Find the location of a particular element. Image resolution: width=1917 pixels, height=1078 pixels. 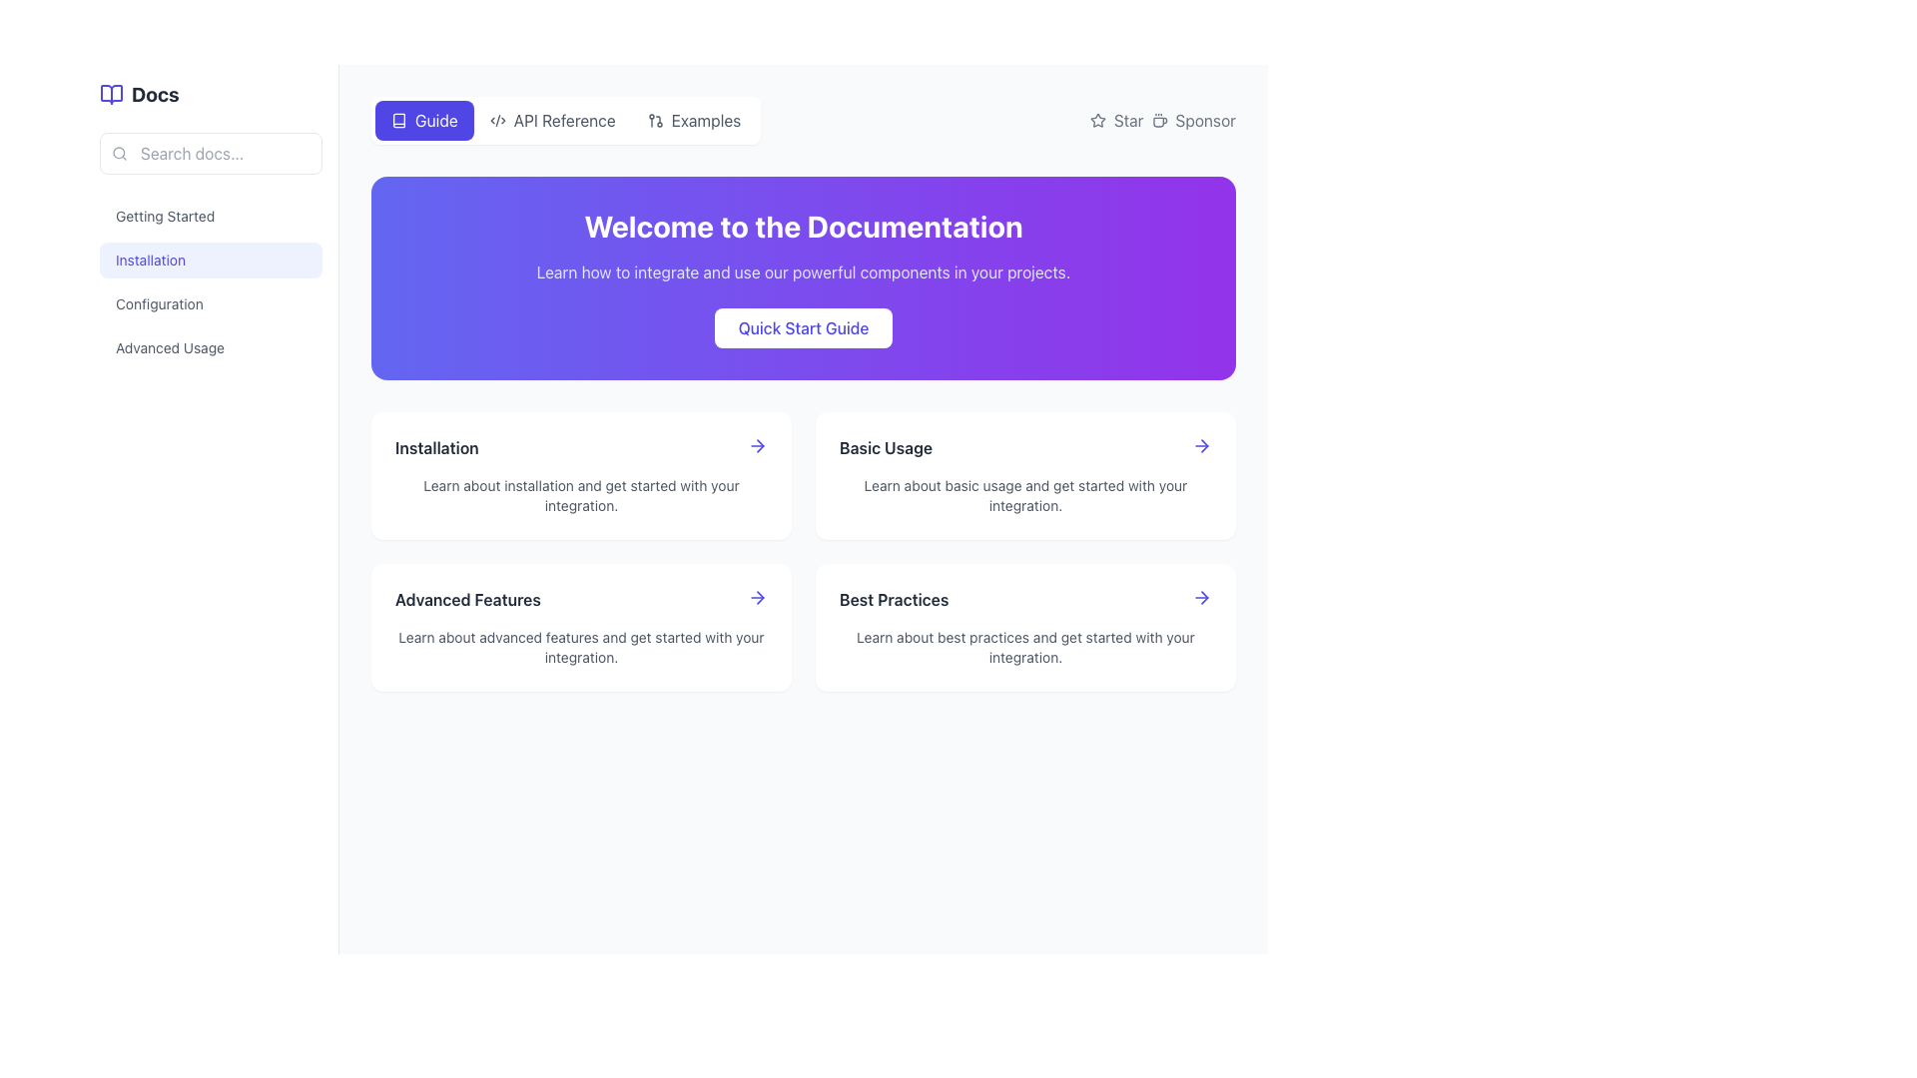

the pull request icon located to the left of the 'Examples' text in the header menu is located at coordinates (655, 120).